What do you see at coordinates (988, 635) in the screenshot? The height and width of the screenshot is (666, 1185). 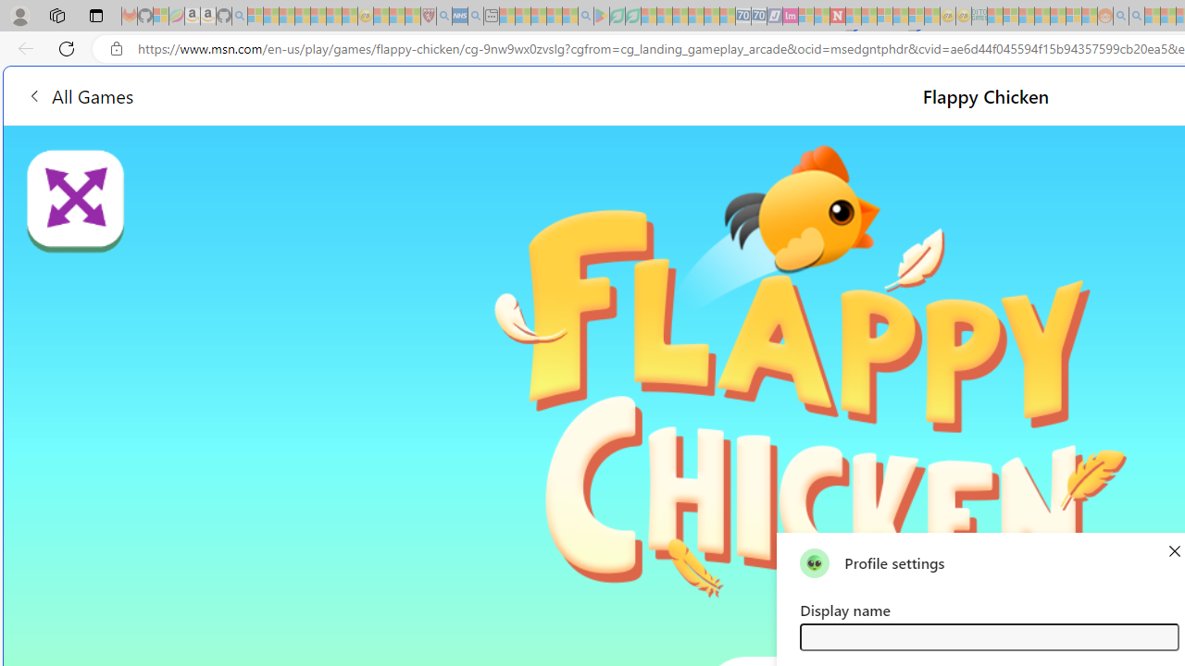 I see `'Class: text-input'` at bounding box center [988, 635].